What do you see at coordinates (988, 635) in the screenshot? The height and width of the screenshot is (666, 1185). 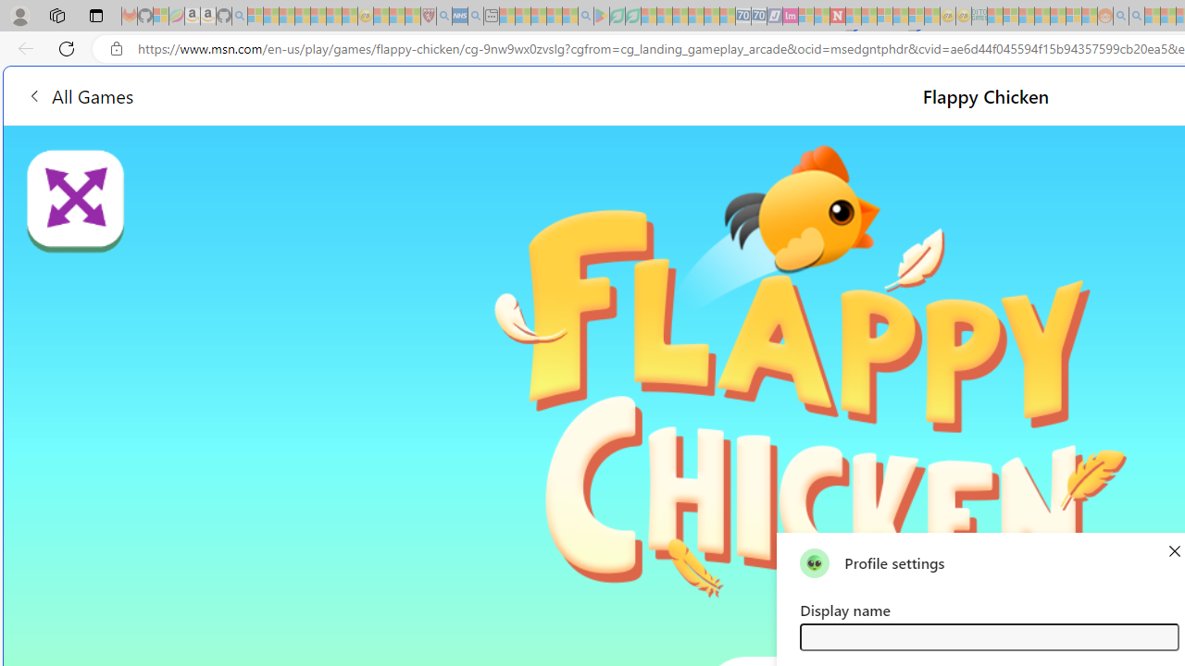 I see `'Class: text-input'` at bounding box center [988, 635].